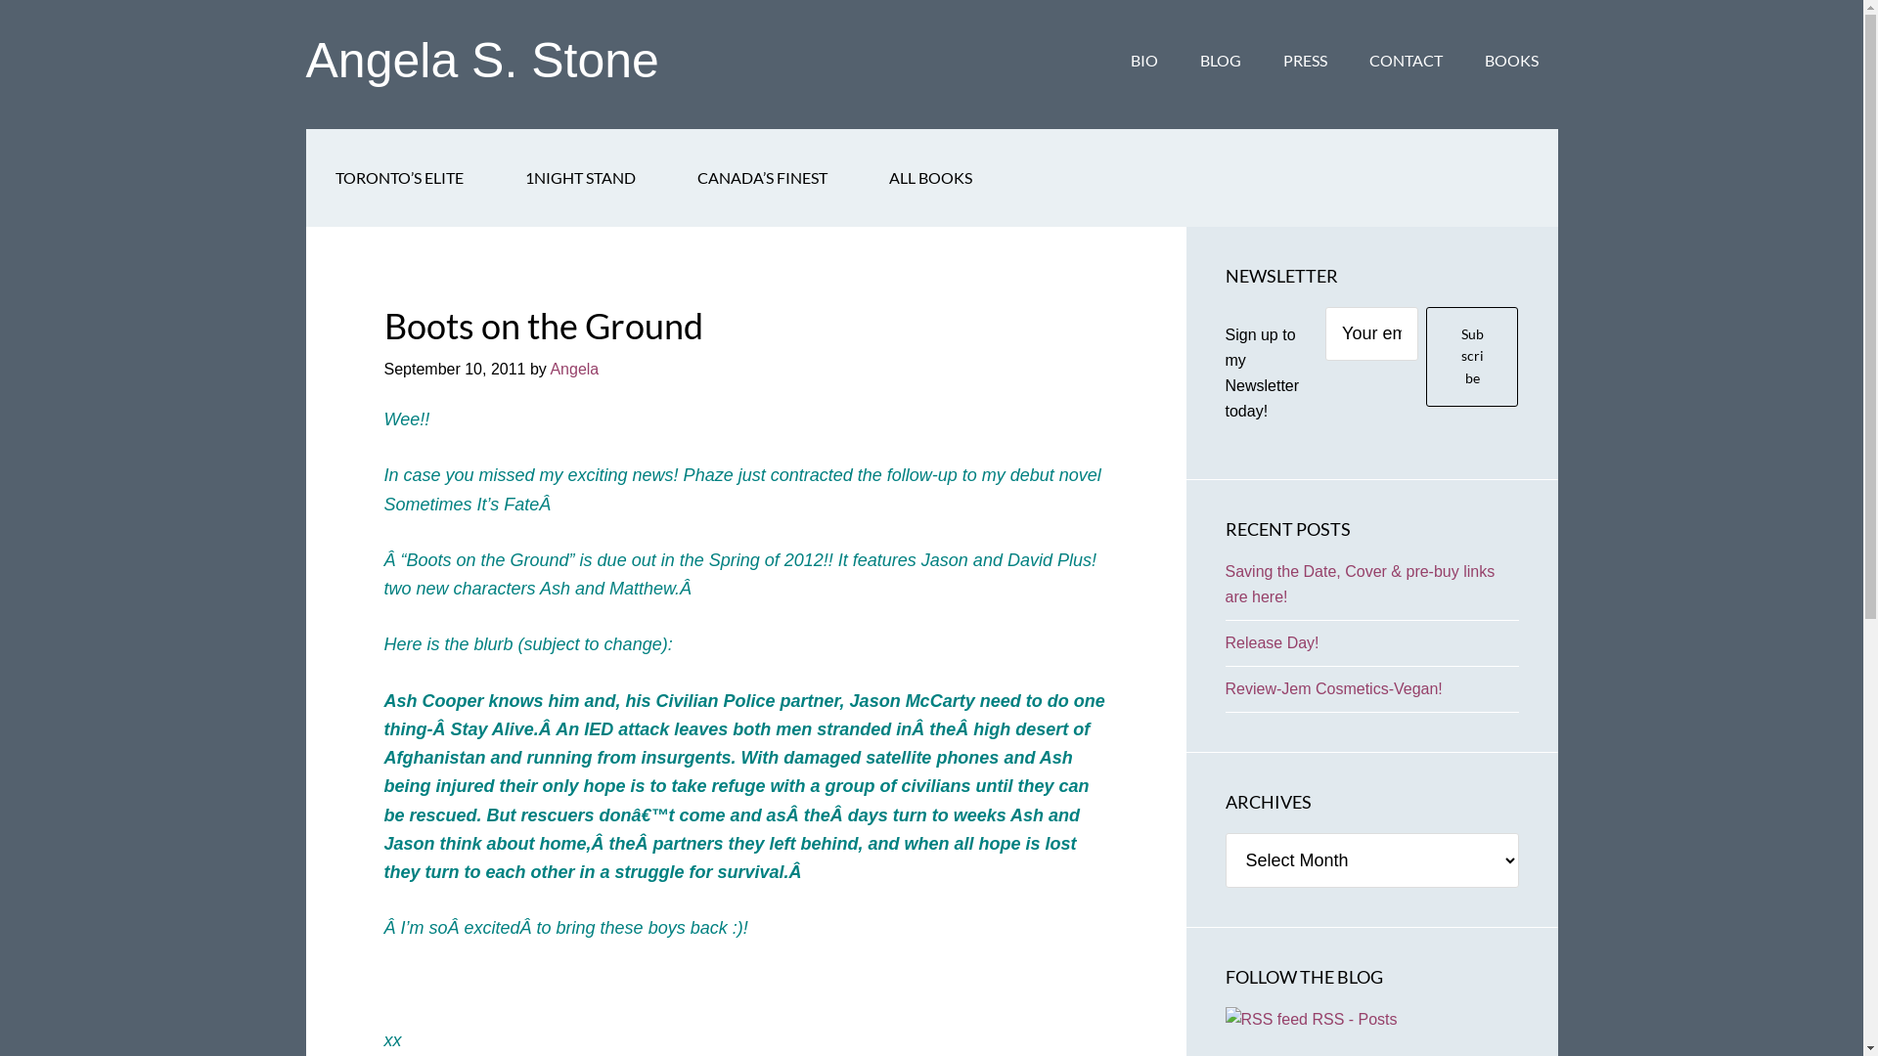 This screenshot has height=1056, width=1878. What do you see at coordinates (1305, 59) in the screenshot?
I see `'PRESS'` at bounding box center [1305, 59].